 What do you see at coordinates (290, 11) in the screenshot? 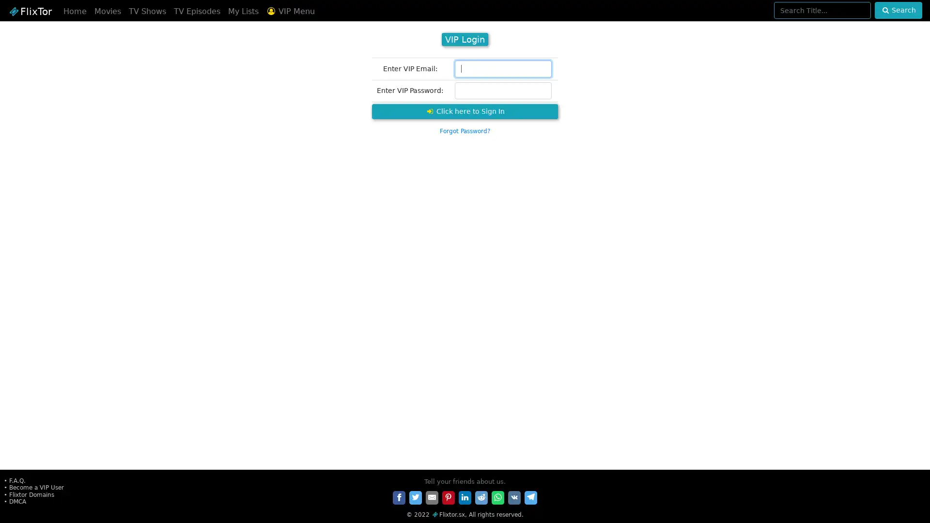
I see `VIP Menu` at bounding box center [290, 11].